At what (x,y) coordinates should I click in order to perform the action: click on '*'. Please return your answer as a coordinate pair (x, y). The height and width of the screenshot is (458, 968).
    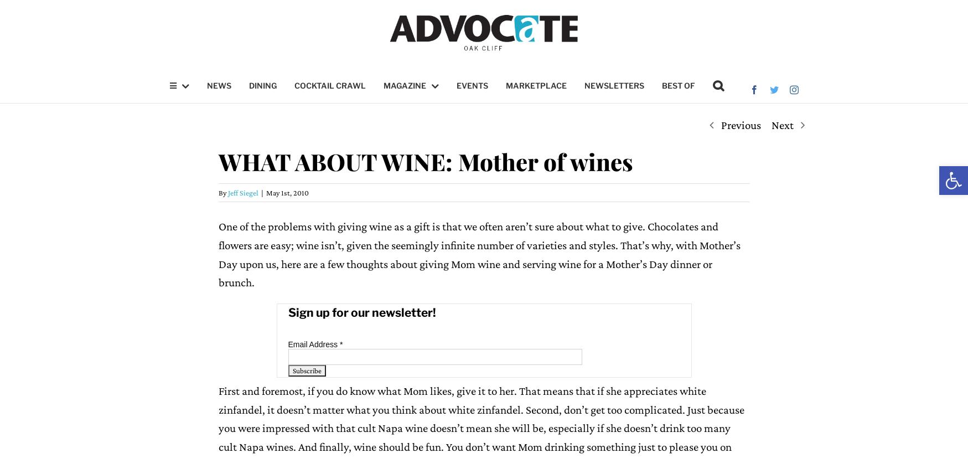
    Looking at the image, I should click on (340, 343).